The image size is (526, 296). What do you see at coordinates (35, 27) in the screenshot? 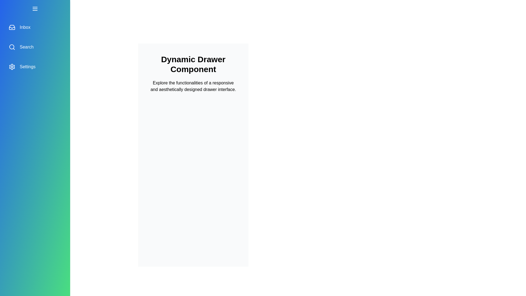
I see `the Inbox menu item` at bounding box center [35, 27].